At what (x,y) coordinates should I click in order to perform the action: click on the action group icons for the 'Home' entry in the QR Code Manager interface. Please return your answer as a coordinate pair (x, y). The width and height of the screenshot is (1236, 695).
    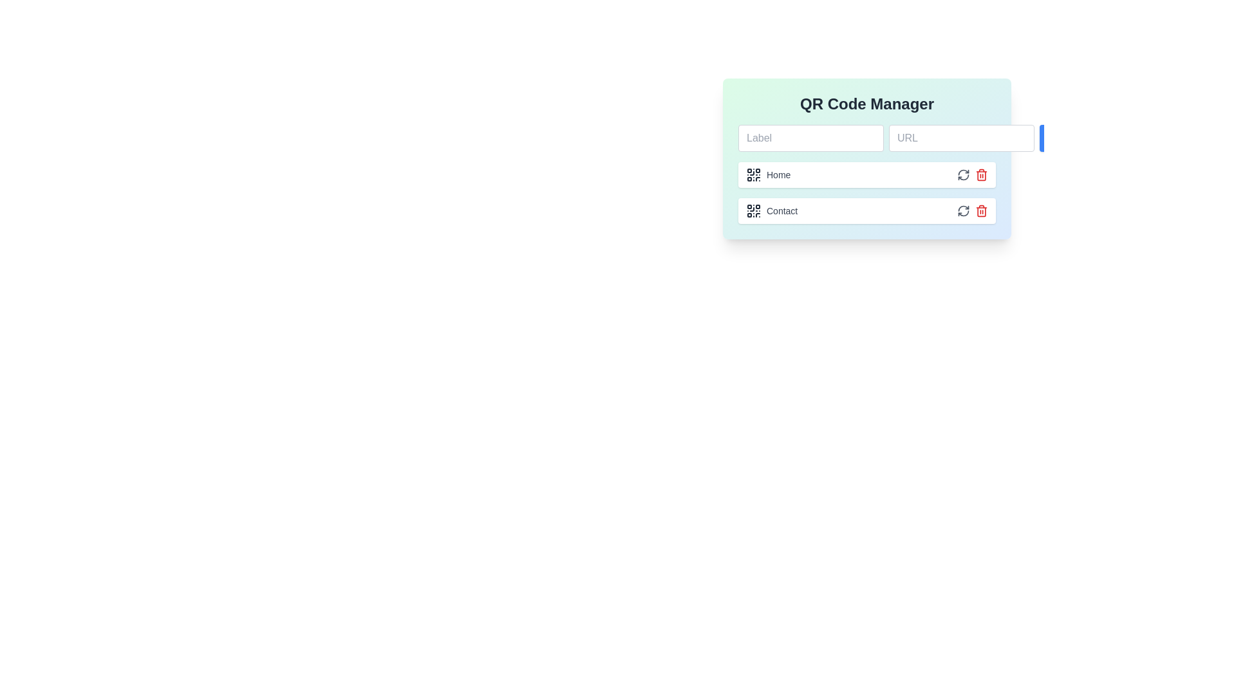
    Looking at the image, I should click on (973, 175).